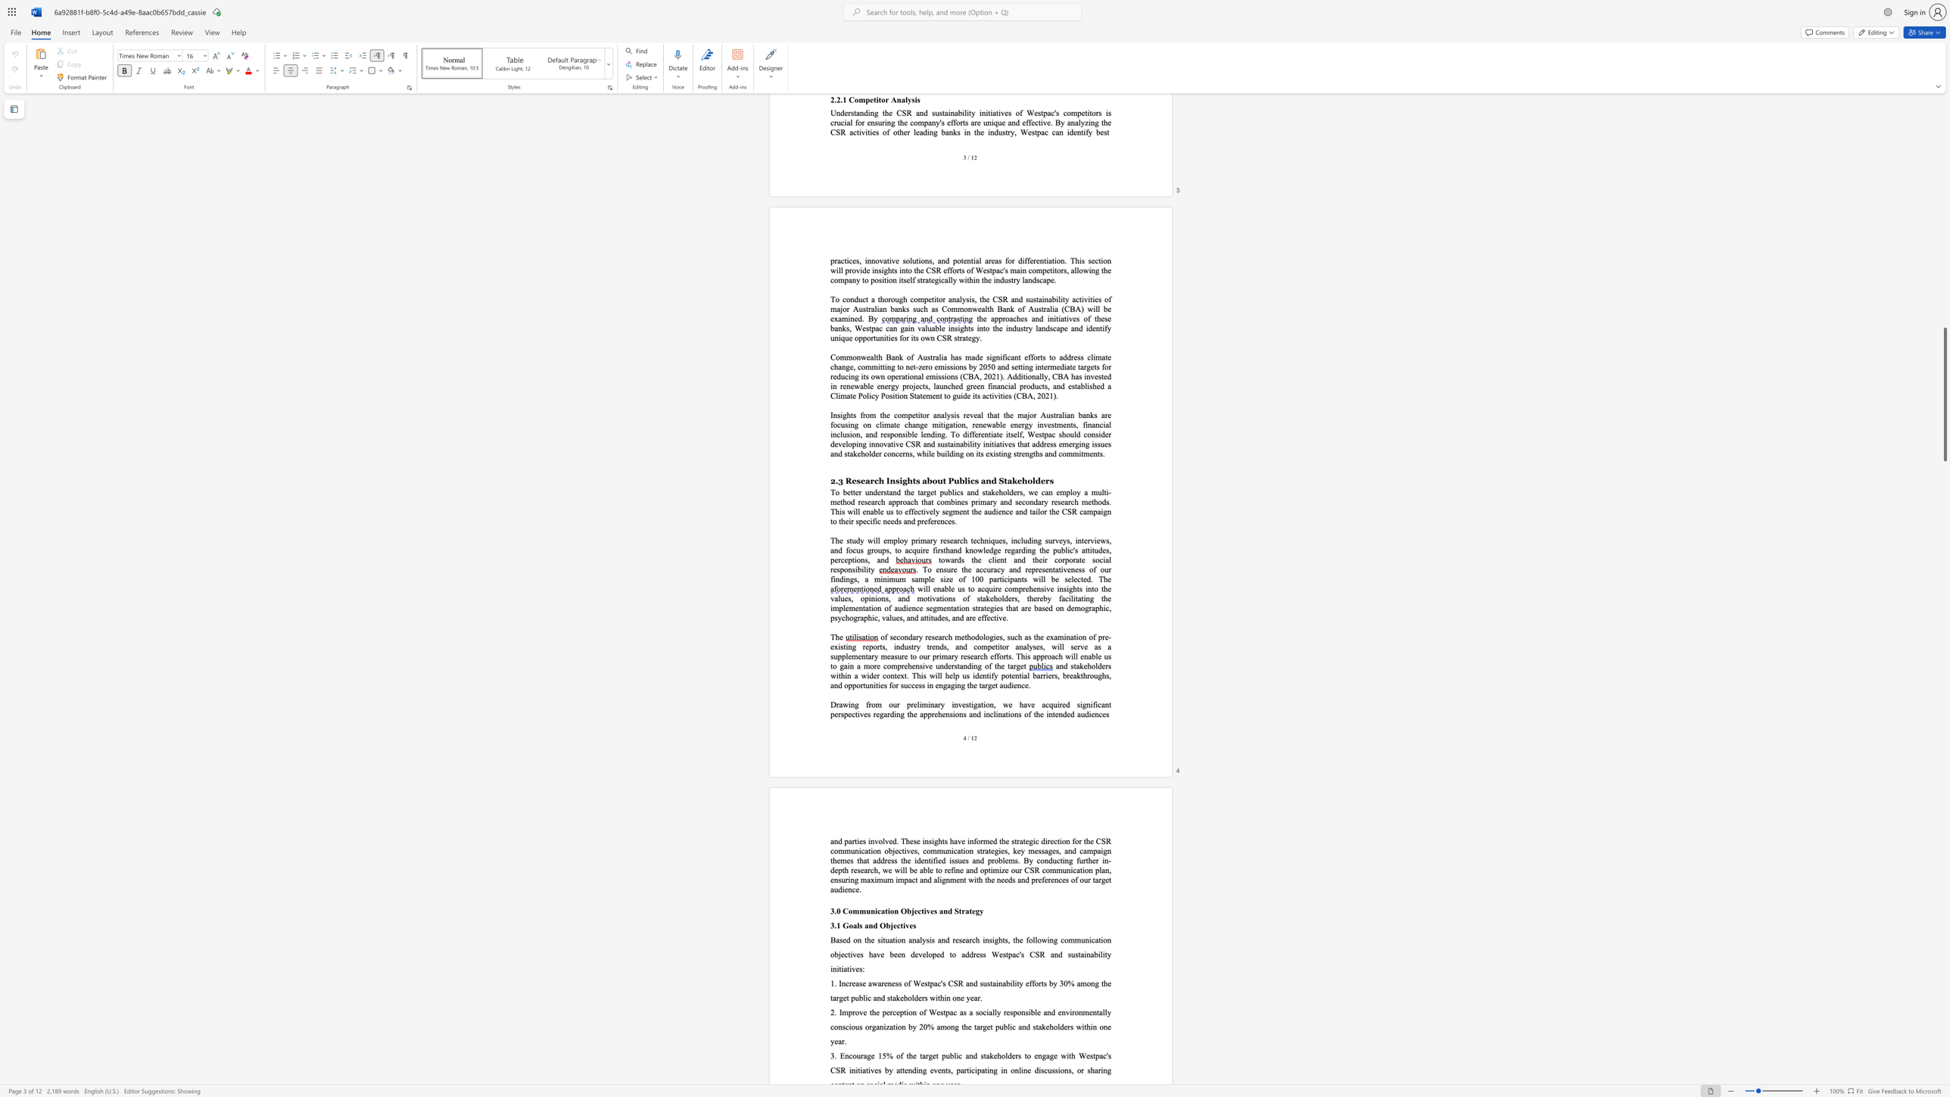 The height and width of the screenshot is (1097, 1950). What do you see at coordinates (939, 704) in the screenshot?
I see `the subset text "y investigation," within the text "Drawing from our preliminary investigation, we have"` at bounding box center [939, 704].